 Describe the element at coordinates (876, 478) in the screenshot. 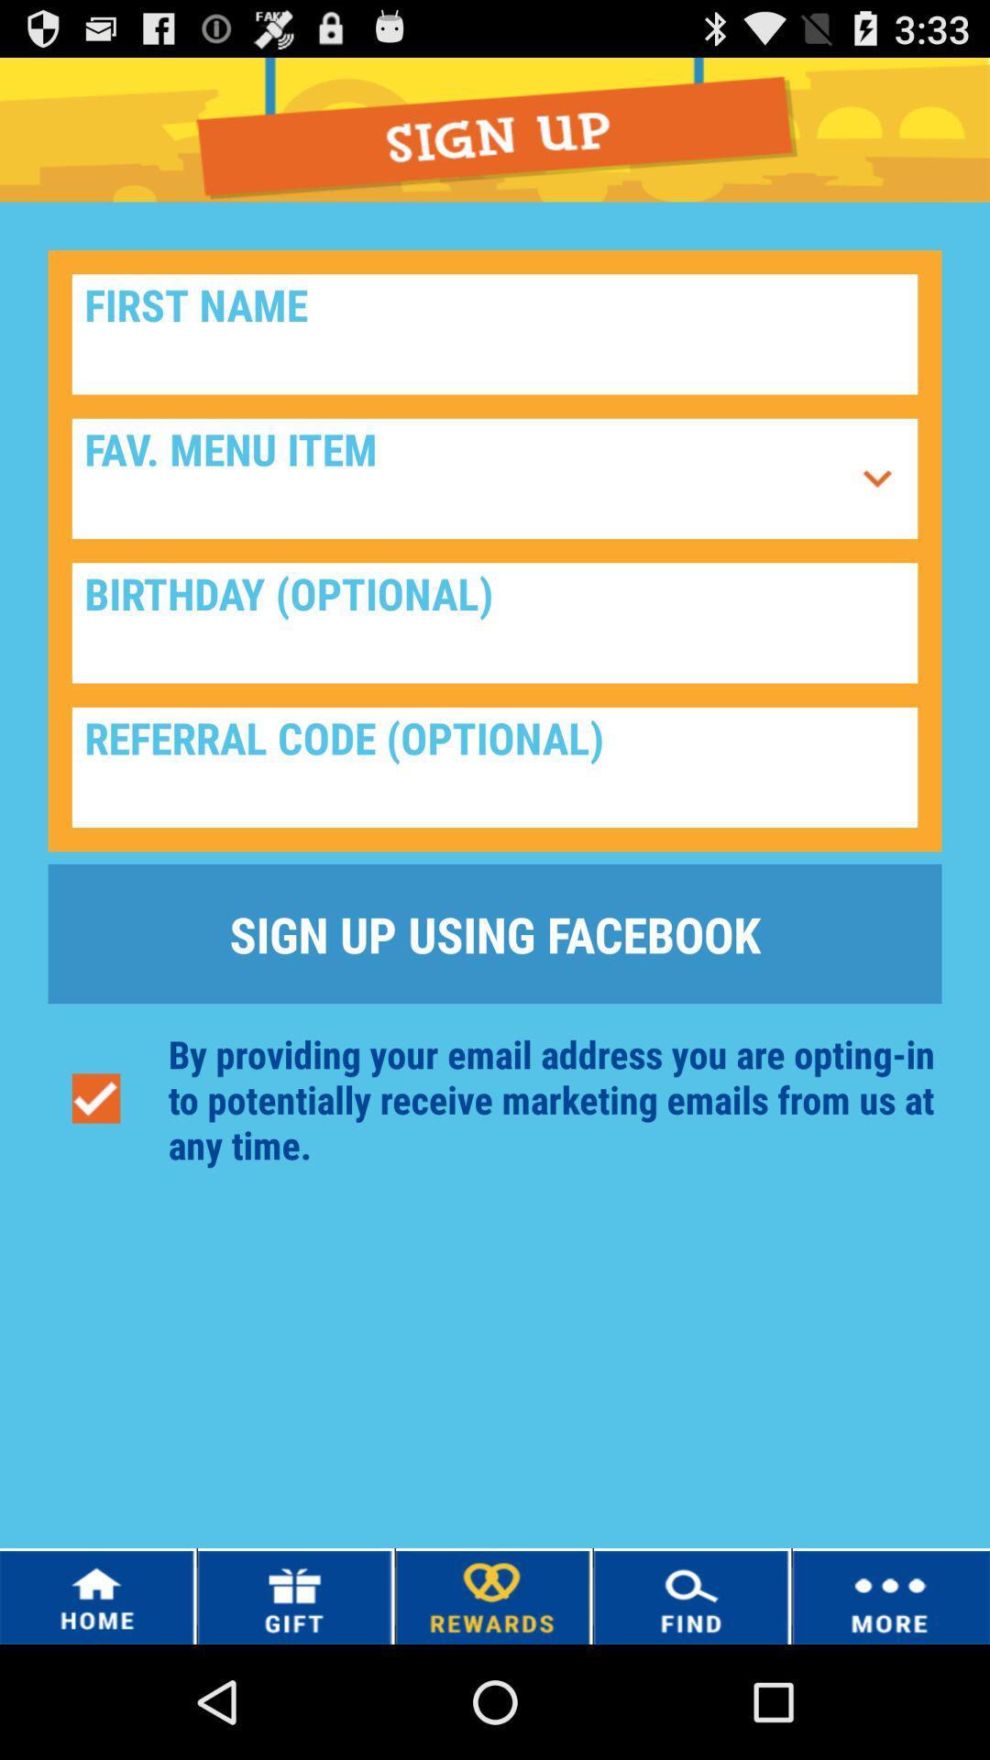

I see `icon to the right of the fav. menu item item` at that location.